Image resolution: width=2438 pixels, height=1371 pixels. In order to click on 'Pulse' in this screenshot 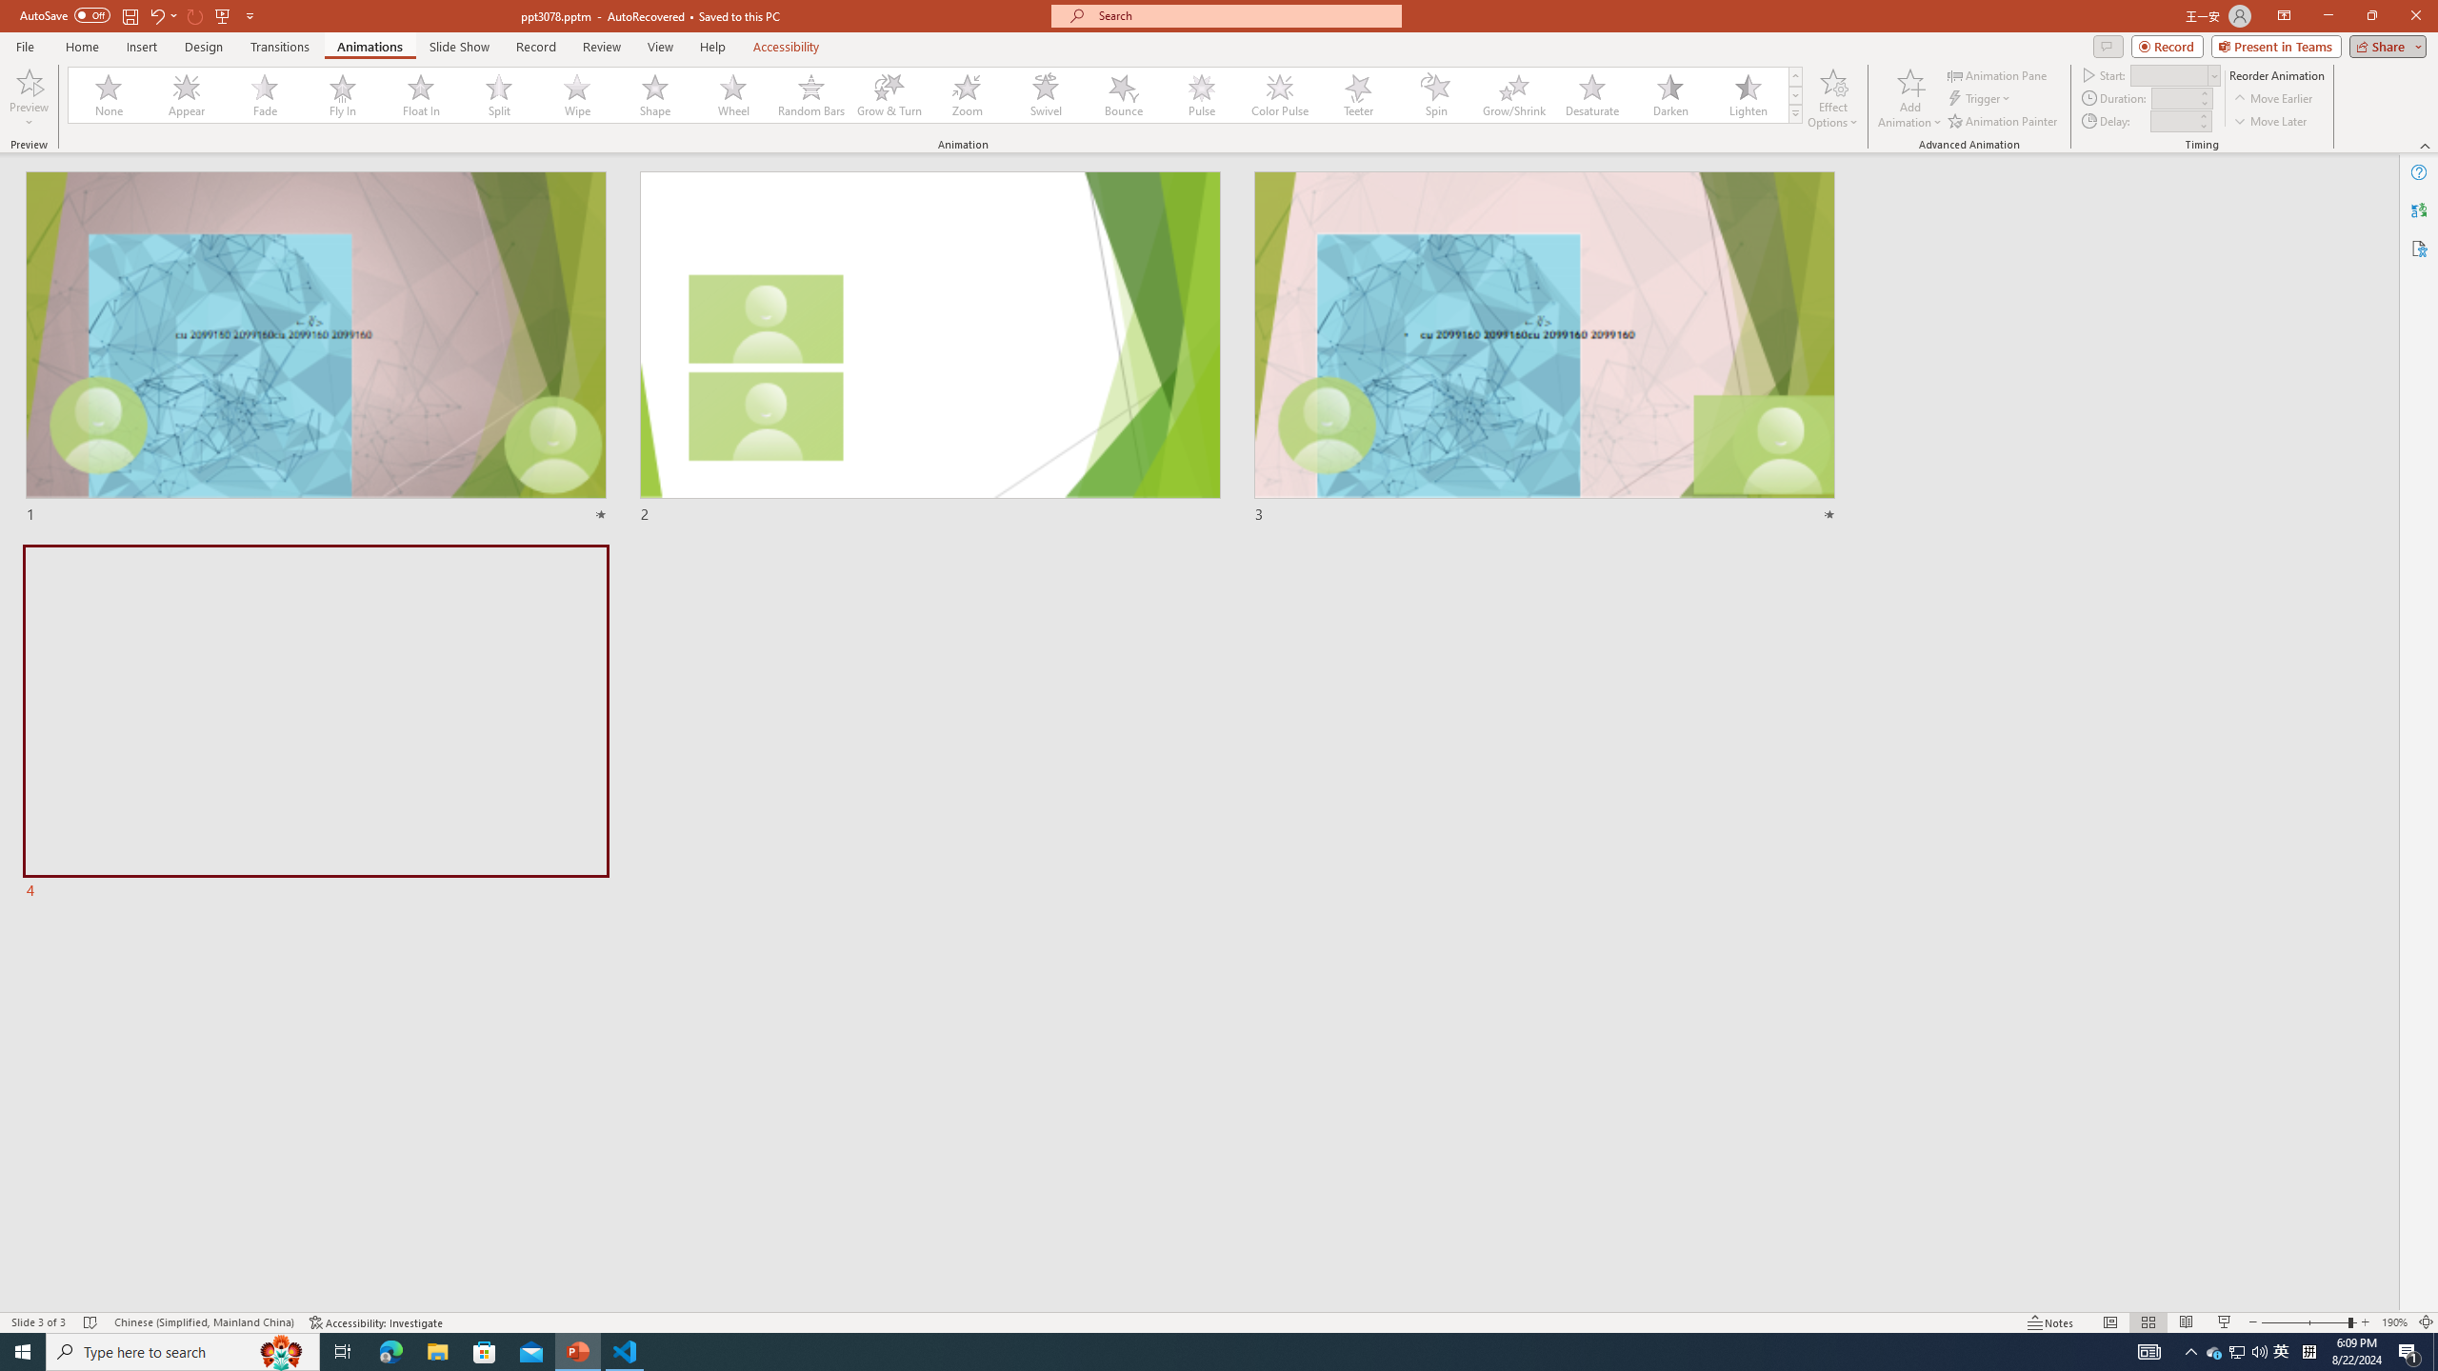, I will do `click(1201, 94)`.